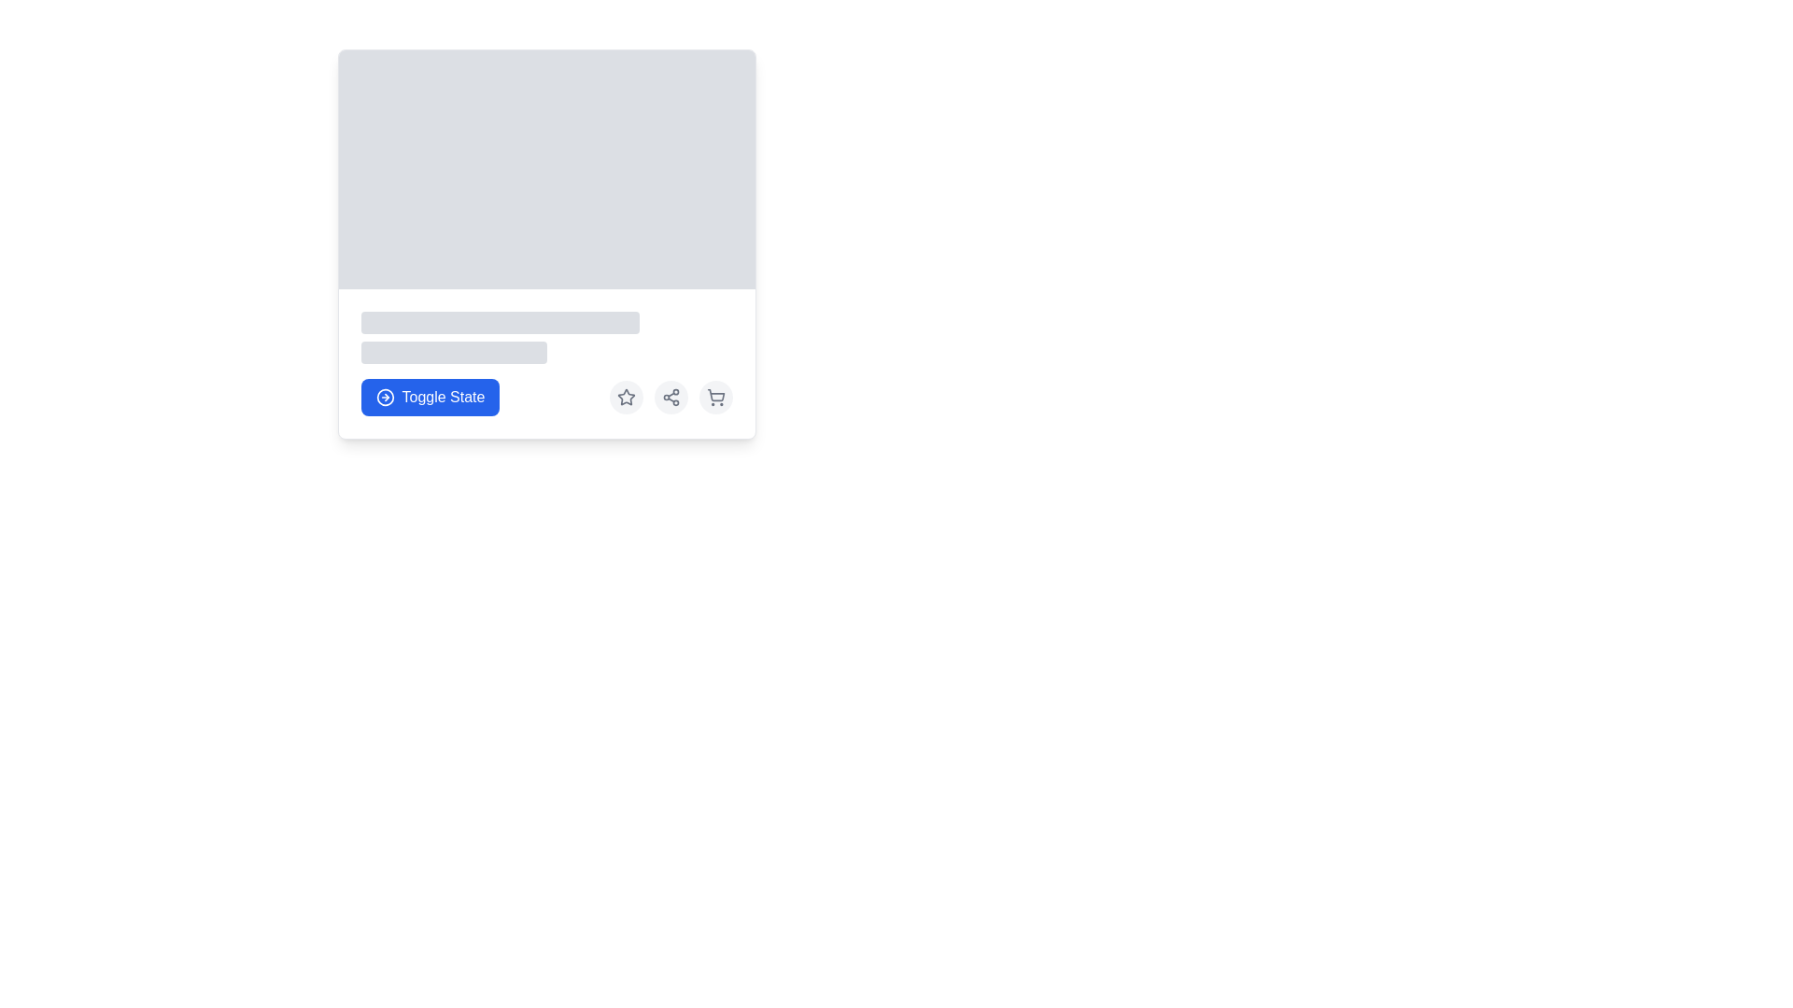 This screenshot has width=1793, height=1008. What do you see at coordinates (443, 396) in the screenshot?
I see `the toggle button located near the bottom left of the card interface, which is contained within a blue button and is preceded by a circular arrow icon` at bounding box center [443, 396].